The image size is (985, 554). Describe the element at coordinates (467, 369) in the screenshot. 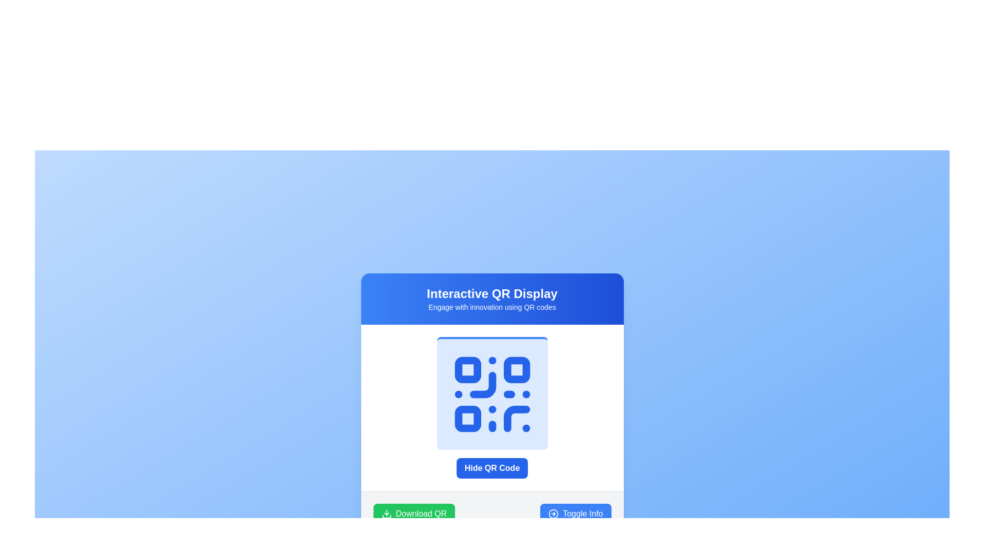

I see `the small rectangular shape with rounded corners located in the upper-left corner of the QR code graphic` at that location.